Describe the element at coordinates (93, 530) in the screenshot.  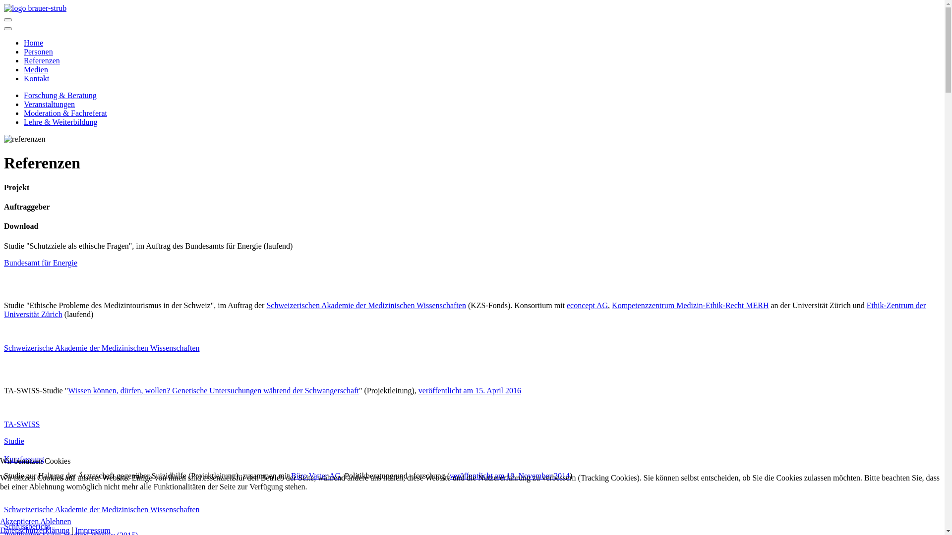
I see `'Impressum'` at that location.